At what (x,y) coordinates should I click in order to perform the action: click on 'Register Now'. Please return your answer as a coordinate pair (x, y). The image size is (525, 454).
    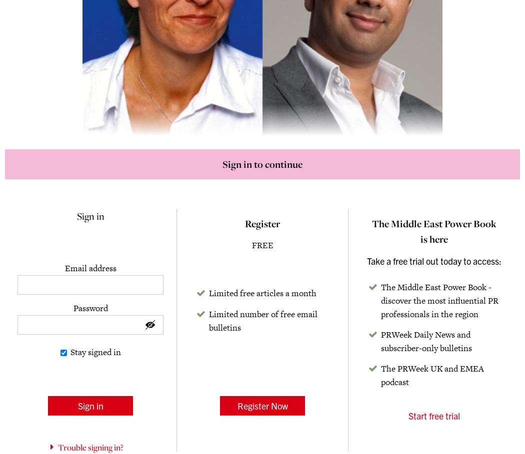
    Looking at the image, I should click on (261, 405).